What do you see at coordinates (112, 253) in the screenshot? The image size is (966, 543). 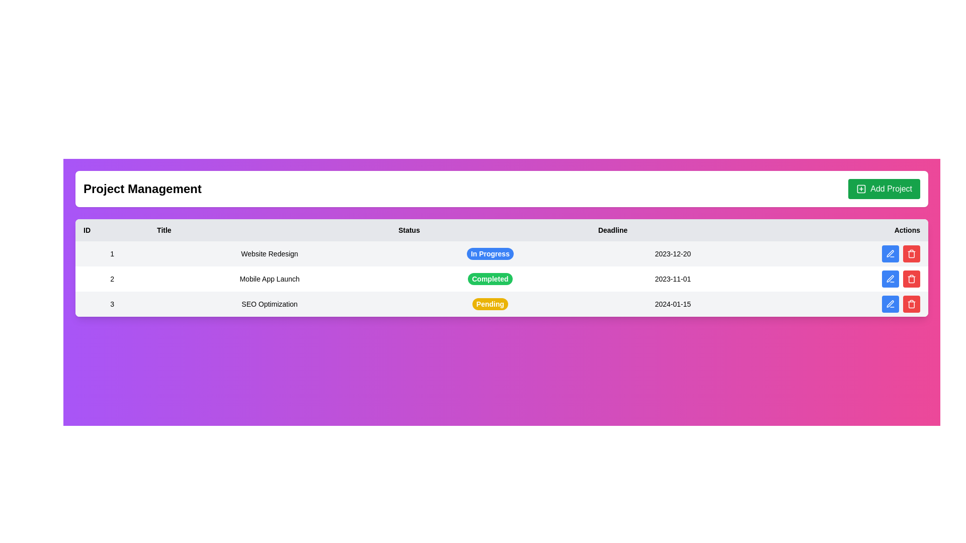 I see `text displayed in the small rectangular area labeled '1', located in the first row and first column of the table under the 'ID' header` at bounding box center [112, 253].